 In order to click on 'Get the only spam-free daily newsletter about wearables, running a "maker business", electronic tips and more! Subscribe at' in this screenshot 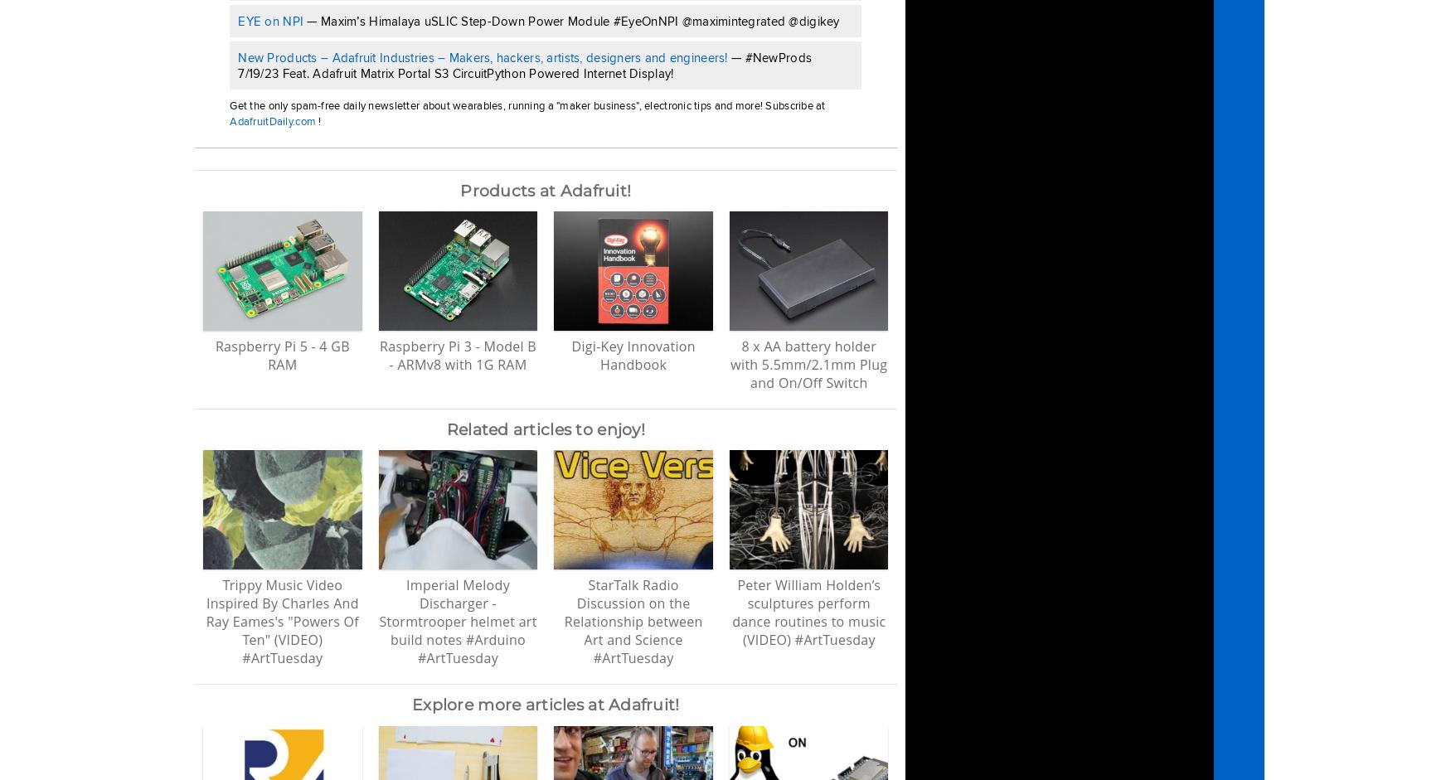, I will do `click(526, 105)`.